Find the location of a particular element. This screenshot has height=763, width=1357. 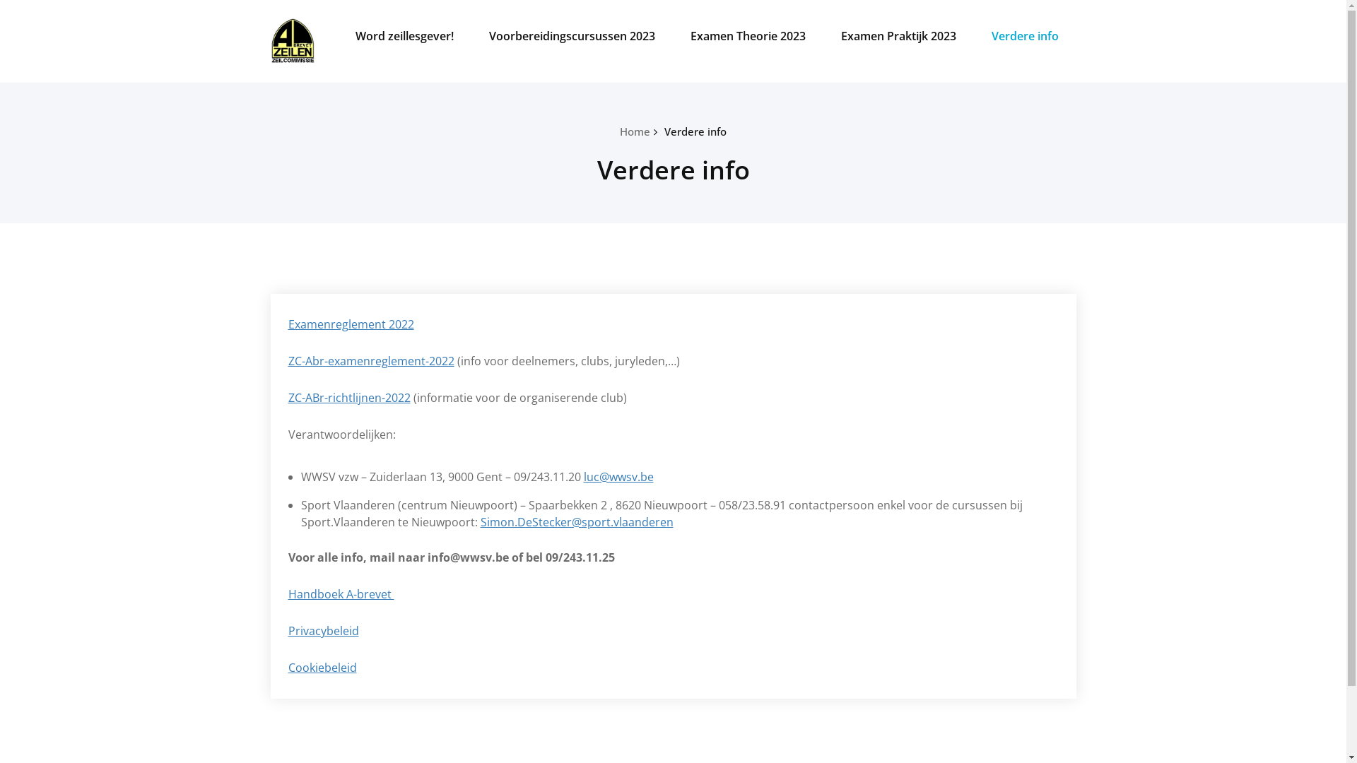

'Cookiebeleid' is located at coordinates (322, 668).